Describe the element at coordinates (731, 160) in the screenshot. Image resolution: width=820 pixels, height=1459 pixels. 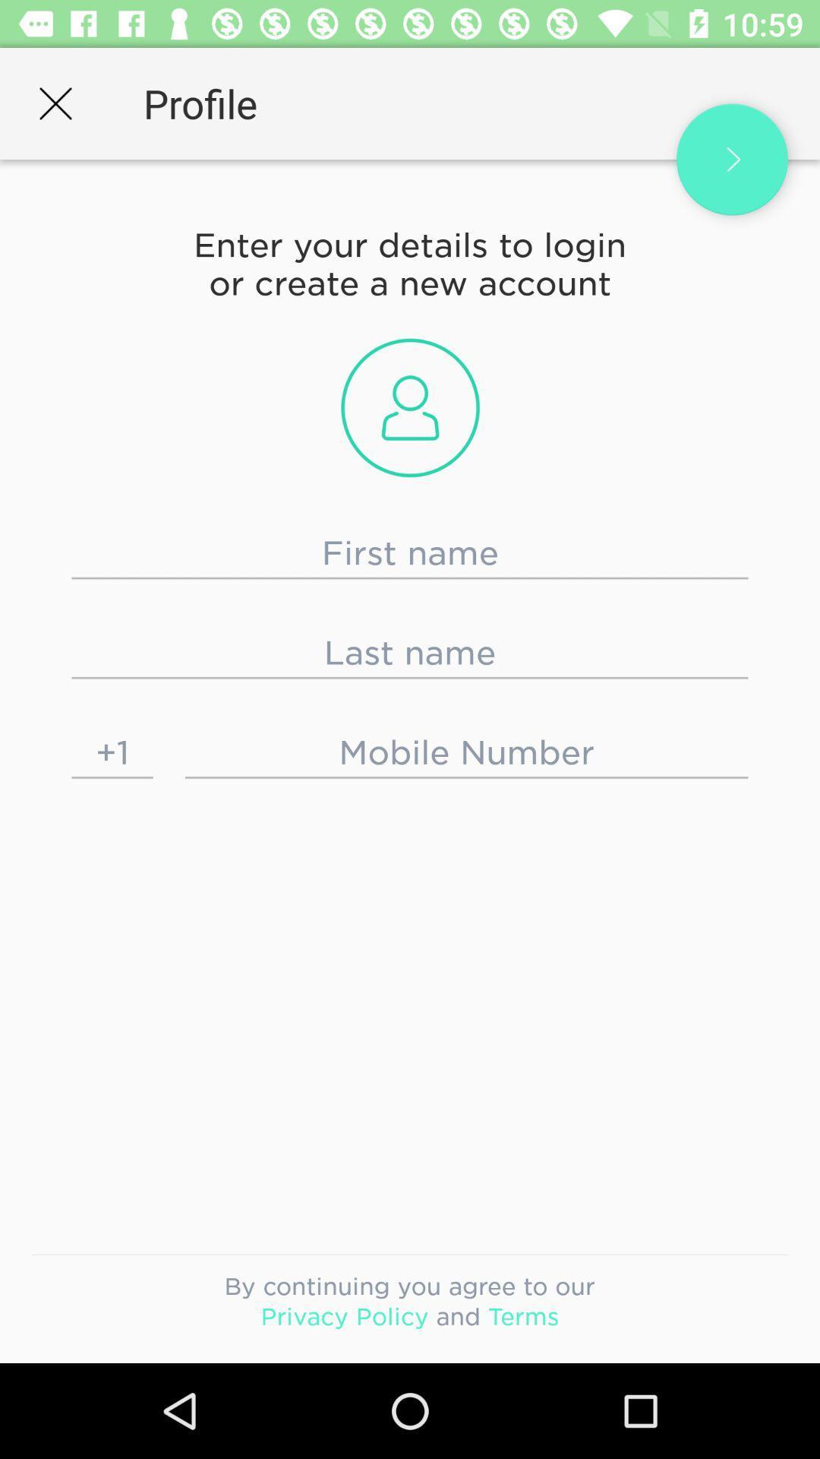
I see `options` at that location.